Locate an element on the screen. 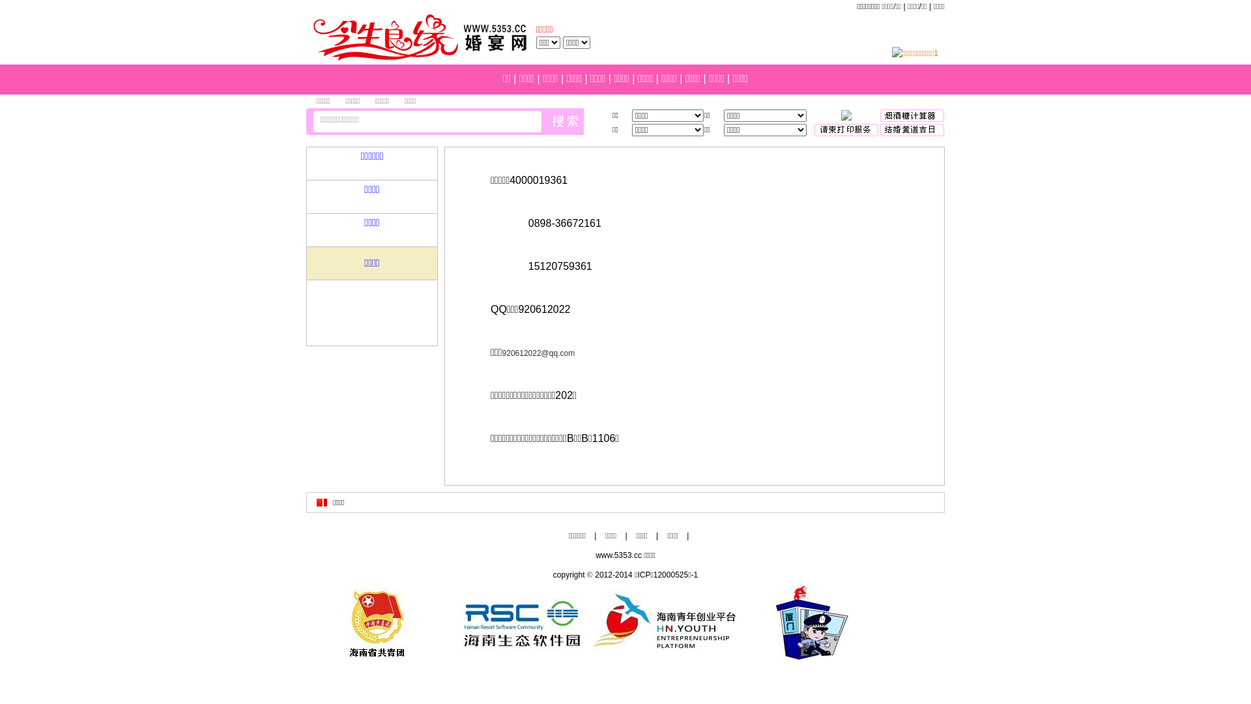  '920612022@qq.com' is located at coordinates (538, 353).